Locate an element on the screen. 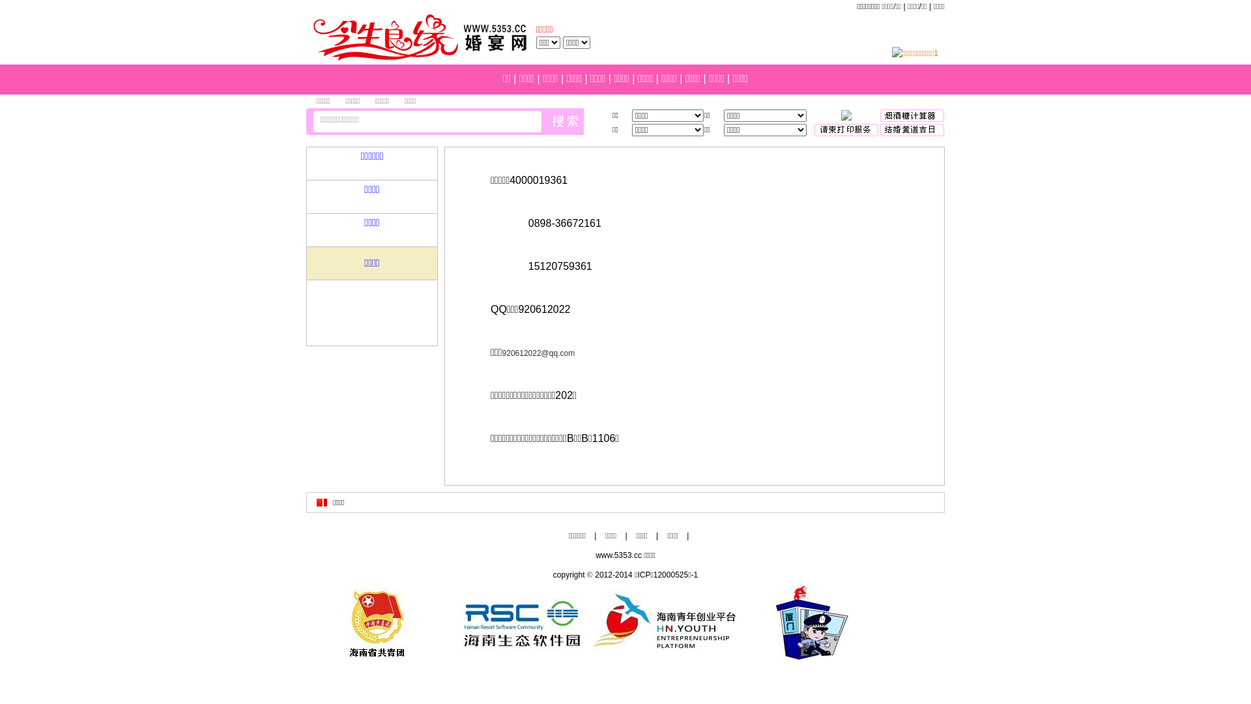  '920612022@qq.com' is located at coordinates (538, 353).